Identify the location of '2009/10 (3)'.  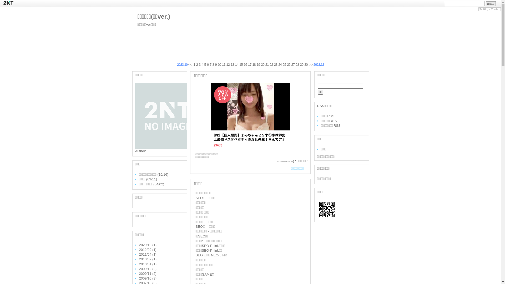
(139, 278).